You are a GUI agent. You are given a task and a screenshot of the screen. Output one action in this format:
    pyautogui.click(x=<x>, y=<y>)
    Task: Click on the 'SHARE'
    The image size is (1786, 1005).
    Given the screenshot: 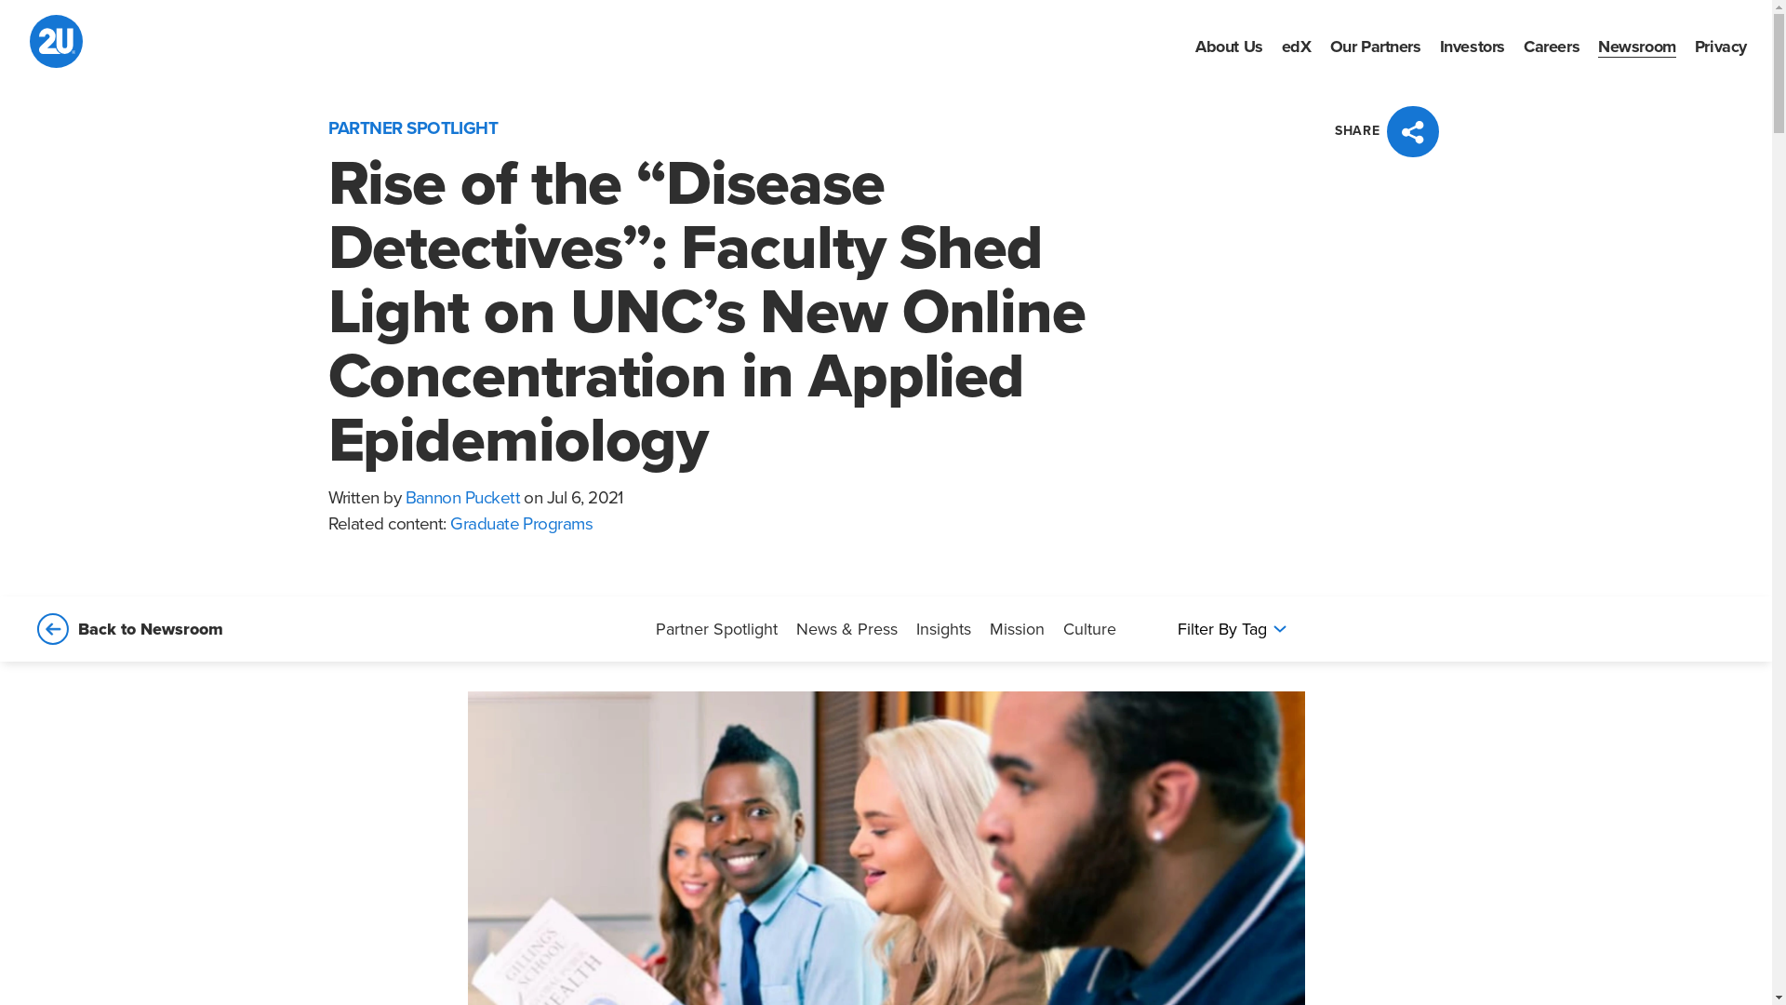 What is the action you would take?
    pyautogui.click(x=1389, y=130)
    